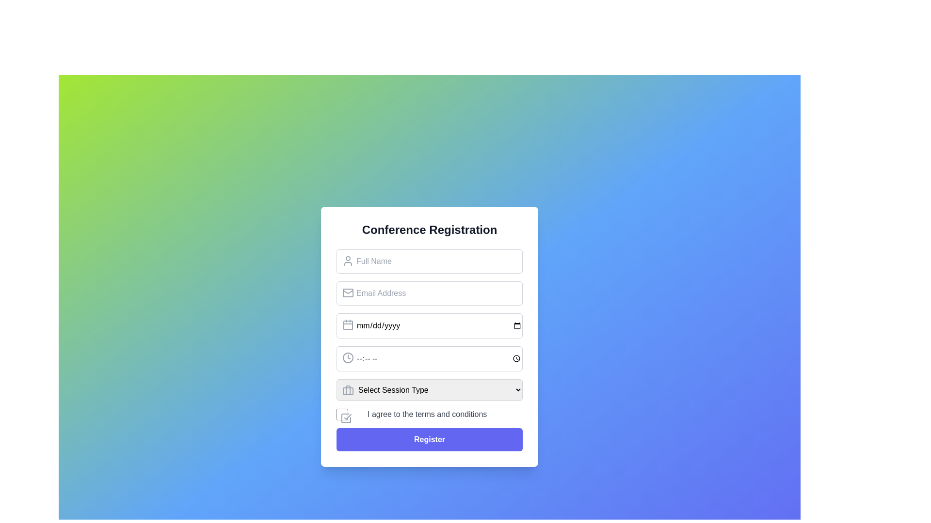 This screenshot has height=523, width=931. I want to click on the rectangular shape within the envelope icon located to the left of the 'Email Address' input field, so click(348, 292).